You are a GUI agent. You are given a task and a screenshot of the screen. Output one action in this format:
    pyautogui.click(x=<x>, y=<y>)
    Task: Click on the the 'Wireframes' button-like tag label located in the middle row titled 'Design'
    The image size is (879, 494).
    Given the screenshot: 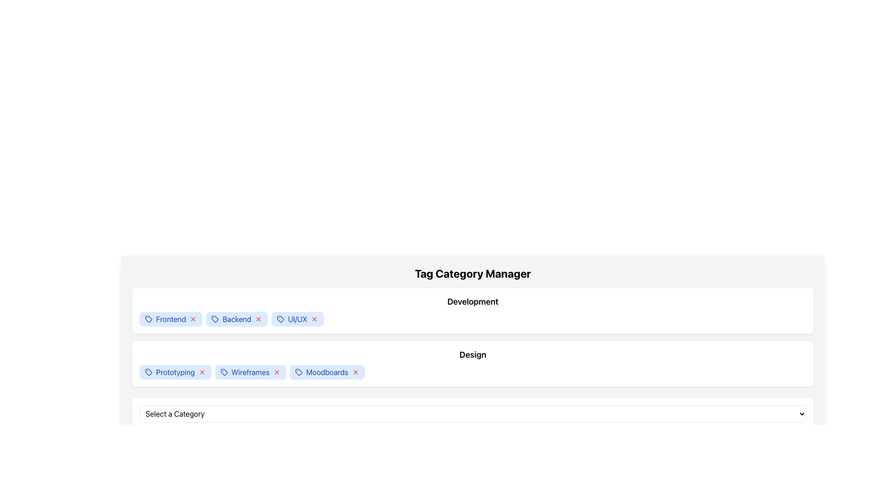 What is the action you would take?
    pyautogui.click(x=250, y=372)
    